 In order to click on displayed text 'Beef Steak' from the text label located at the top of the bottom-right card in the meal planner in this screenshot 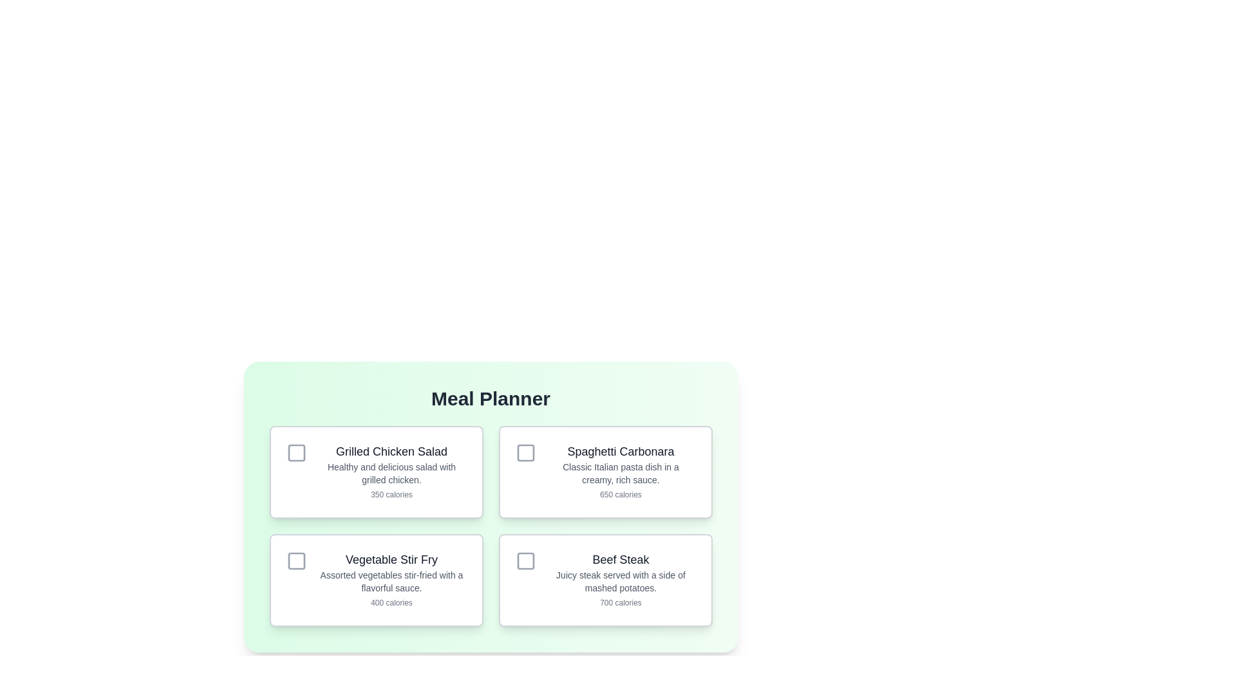, I will do `click(621, 559)`.